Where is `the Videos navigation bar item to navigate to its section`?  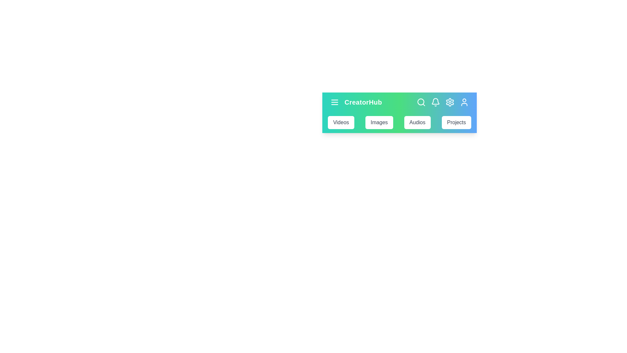 the Videos navigation bar item to navigate to its section is located at coordinates (341, 122).